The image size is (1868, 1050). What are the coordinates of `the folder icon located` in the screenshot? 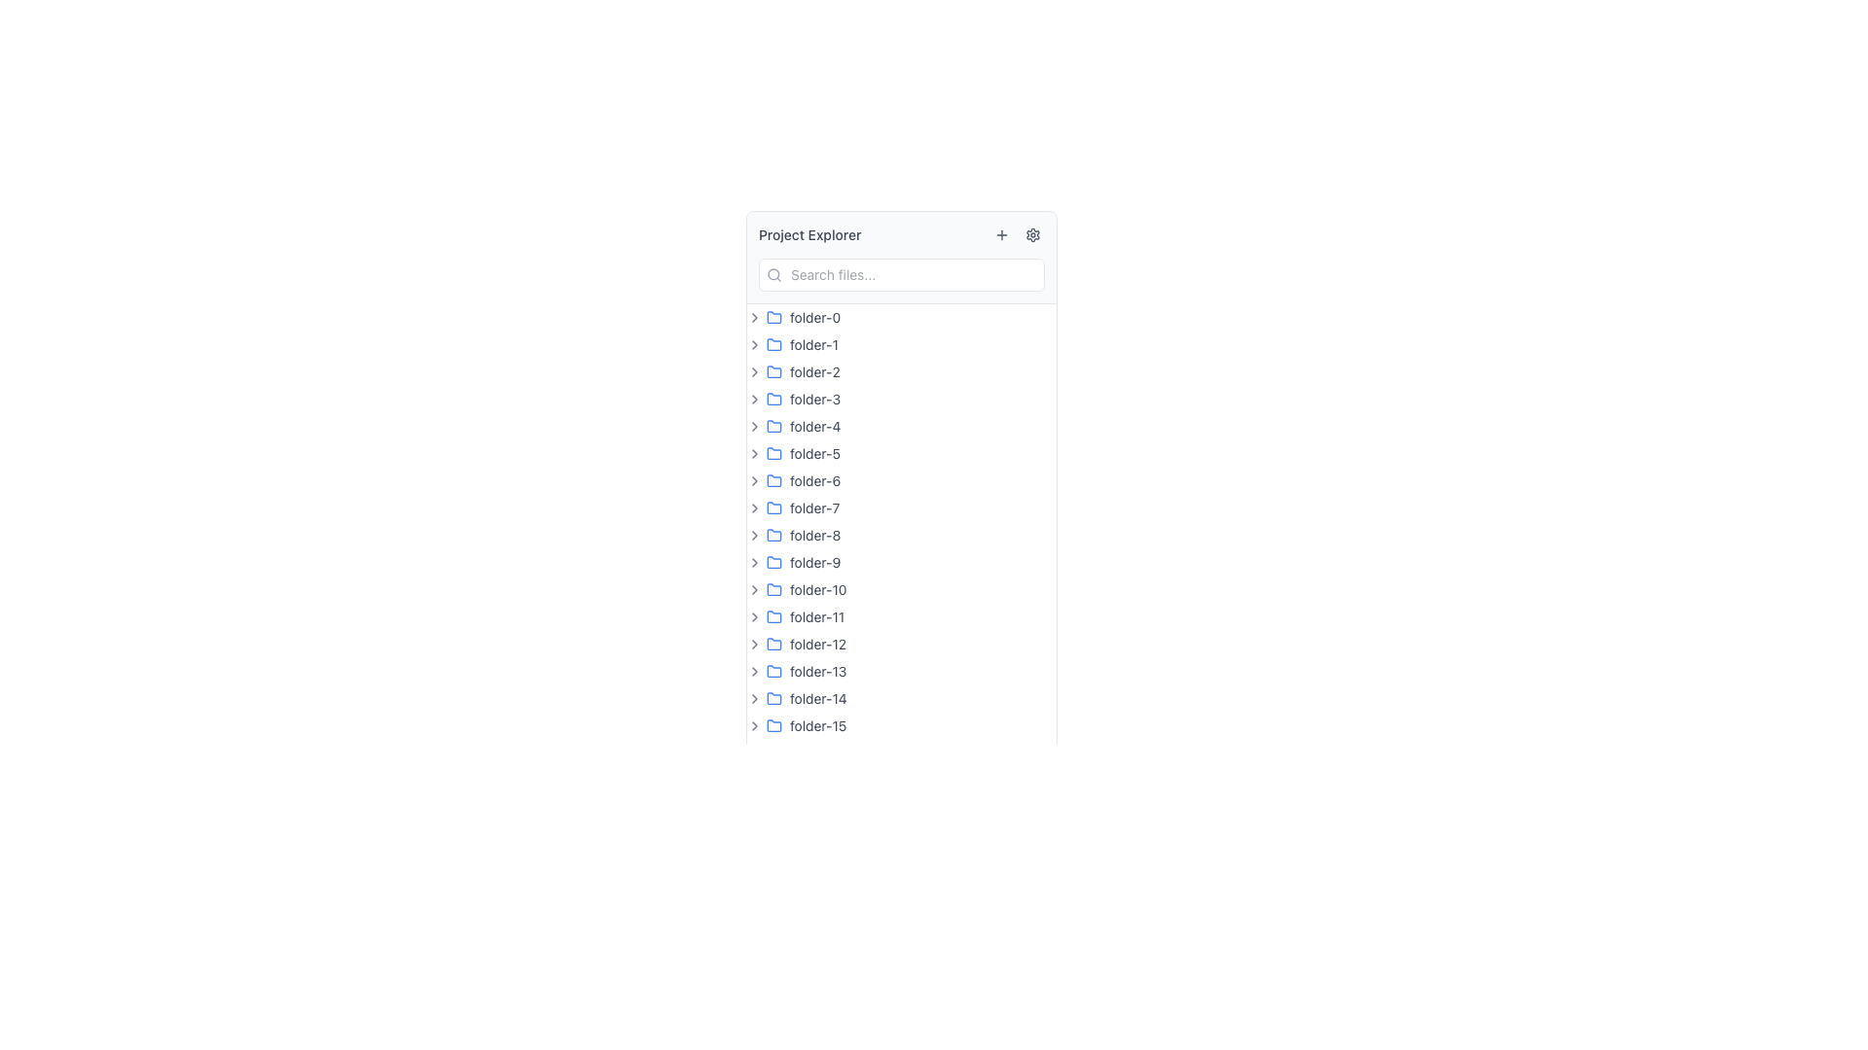 It's located at (773, 399).